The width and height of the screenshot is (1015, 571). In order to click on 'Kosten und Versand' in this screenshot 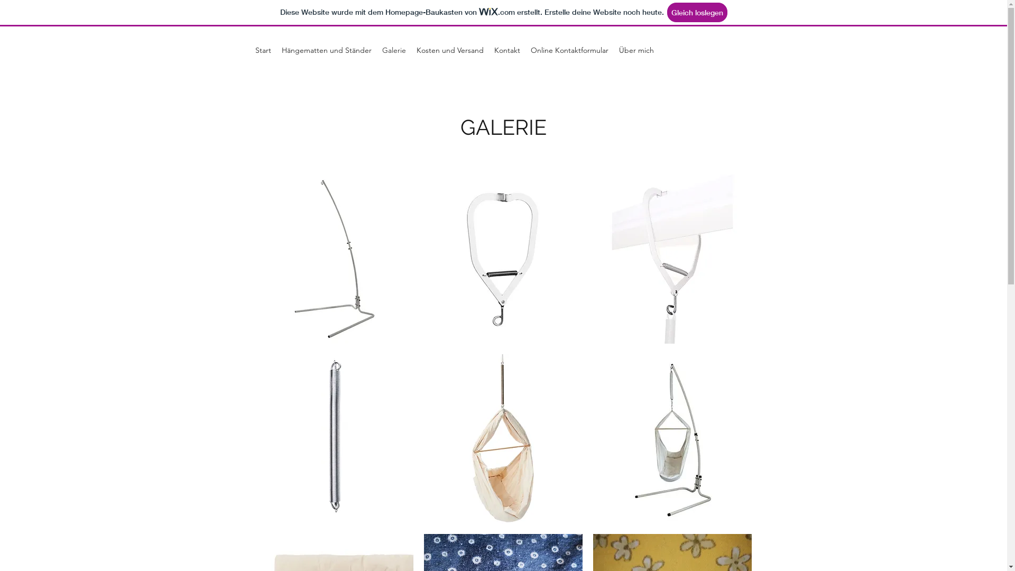, I will do `click(450, 50)`.